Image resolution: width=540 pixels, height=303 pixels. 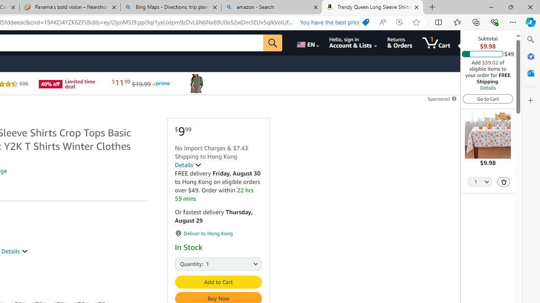 I want to click on 'Prime', so click(x=161, y=84).